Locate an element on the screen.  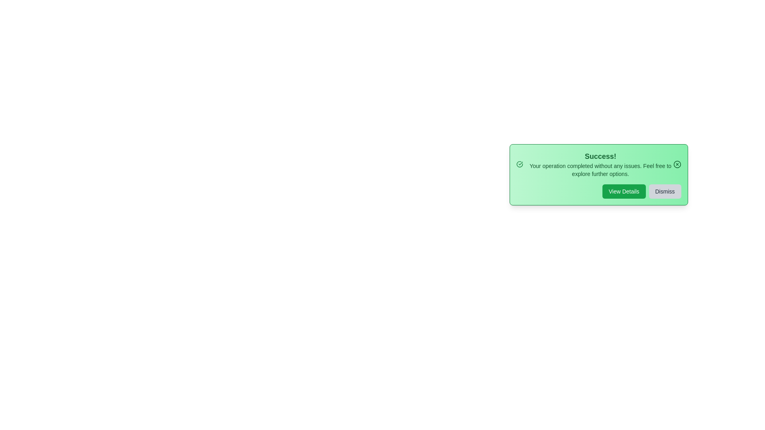
'View Details' button to view more details is located at coordinates (624, 192).